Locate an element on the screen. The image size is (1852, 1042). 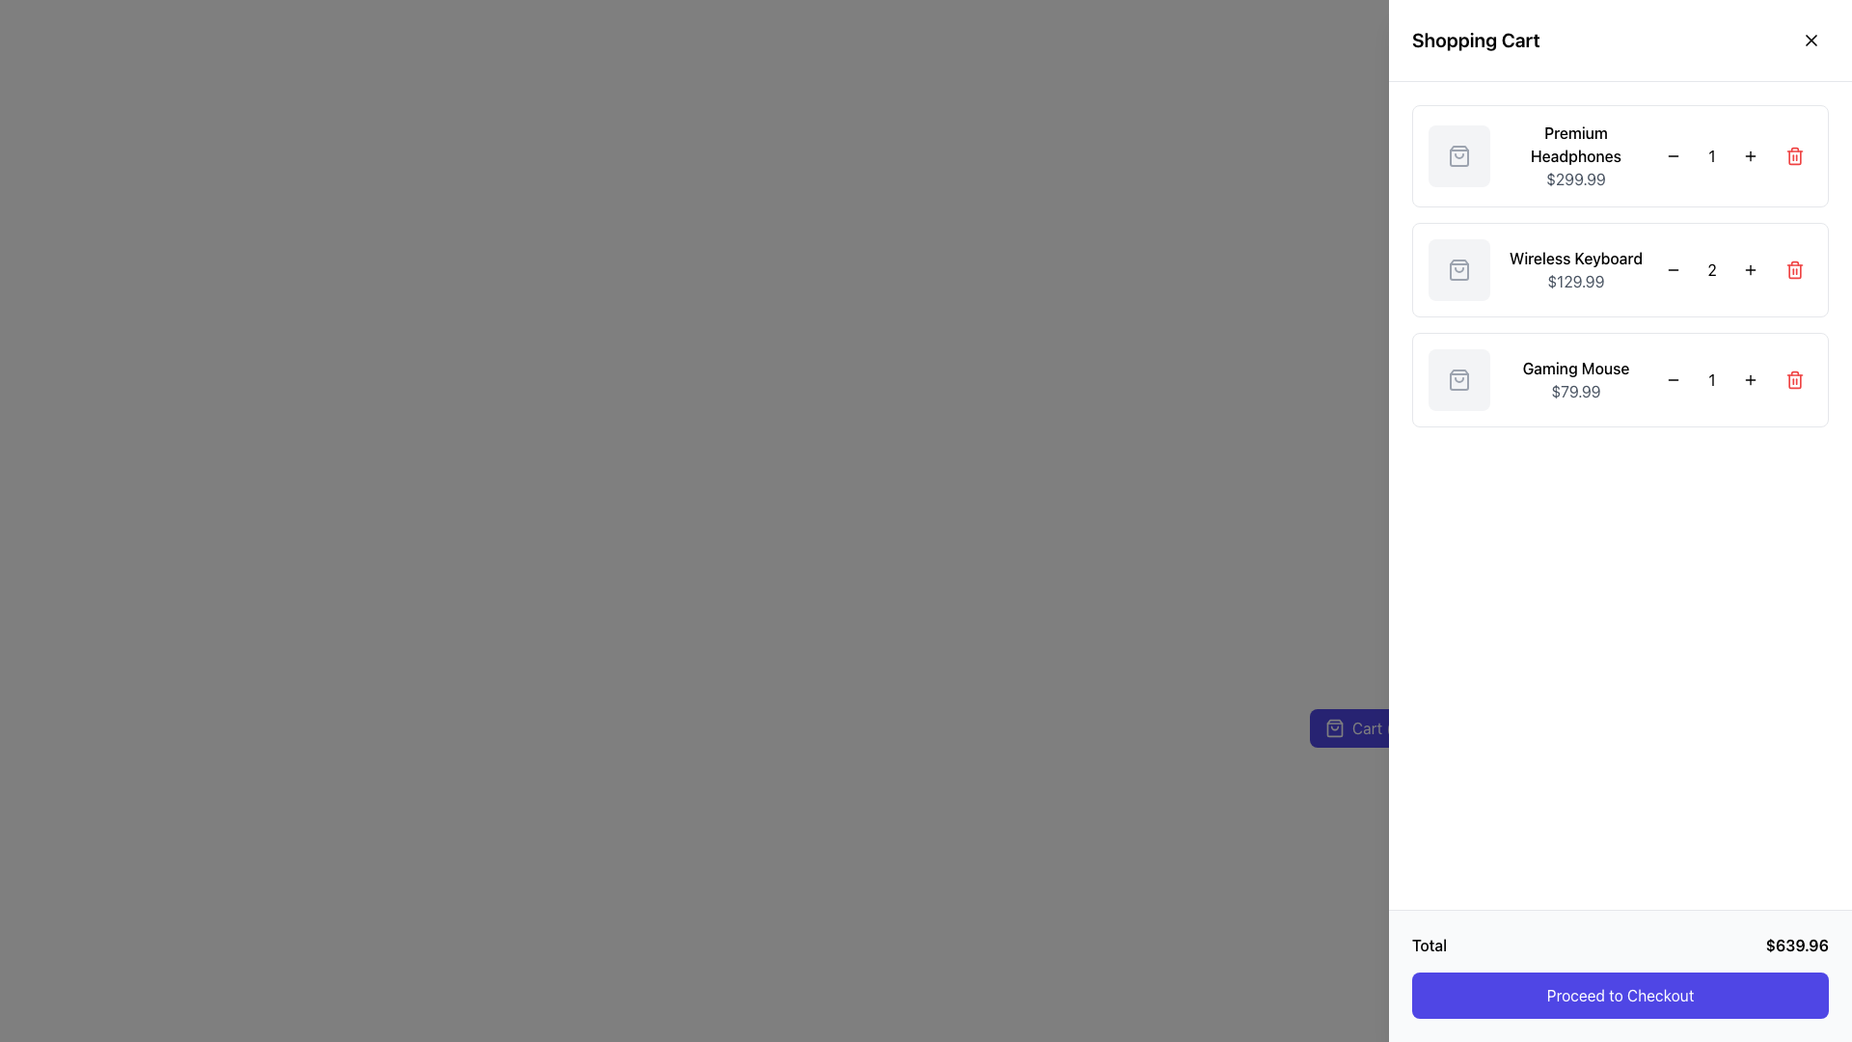
the text display indicating the current quantity of 'Wireless Keyboard' is located at coordinates (1712, 270).